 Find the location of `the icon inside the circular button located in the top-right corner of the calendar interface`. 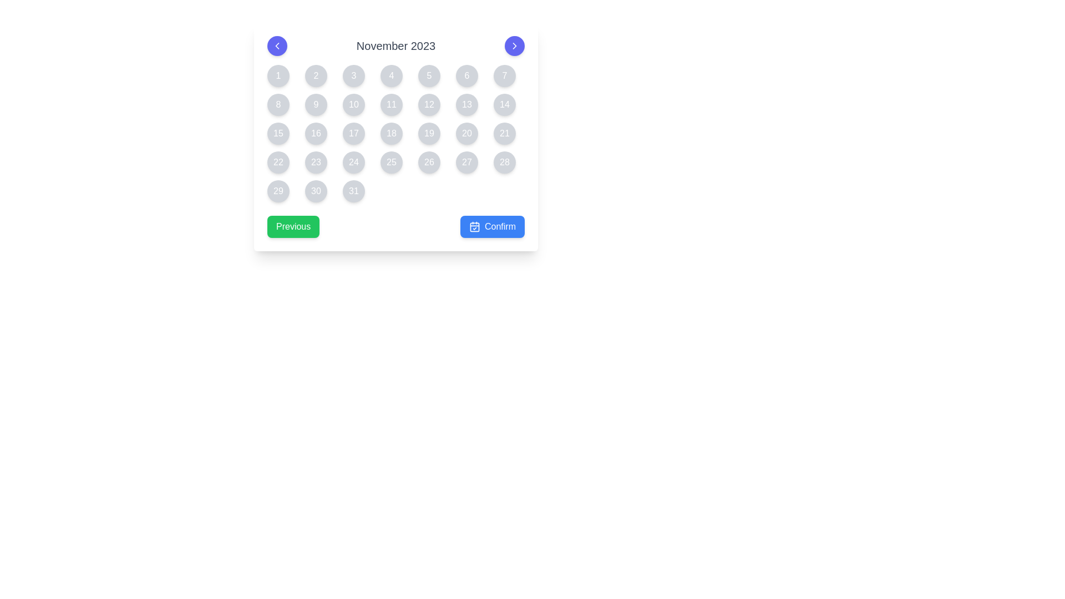

the icon inside the circular button located in the top-right corner of the calendar interface is located at coordinates (514, 45).